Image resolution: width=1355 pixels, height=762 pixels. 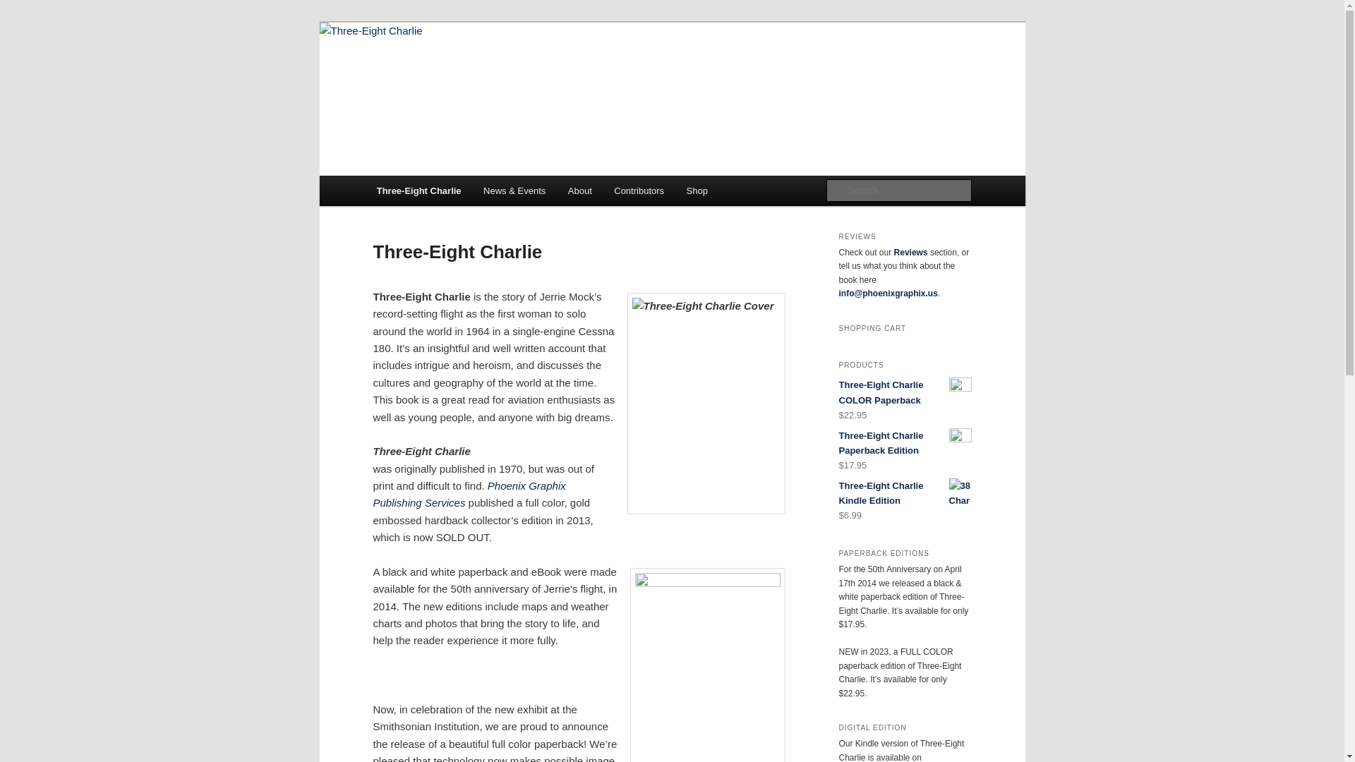 I want to click on 'About', so click(x=579, y=190).